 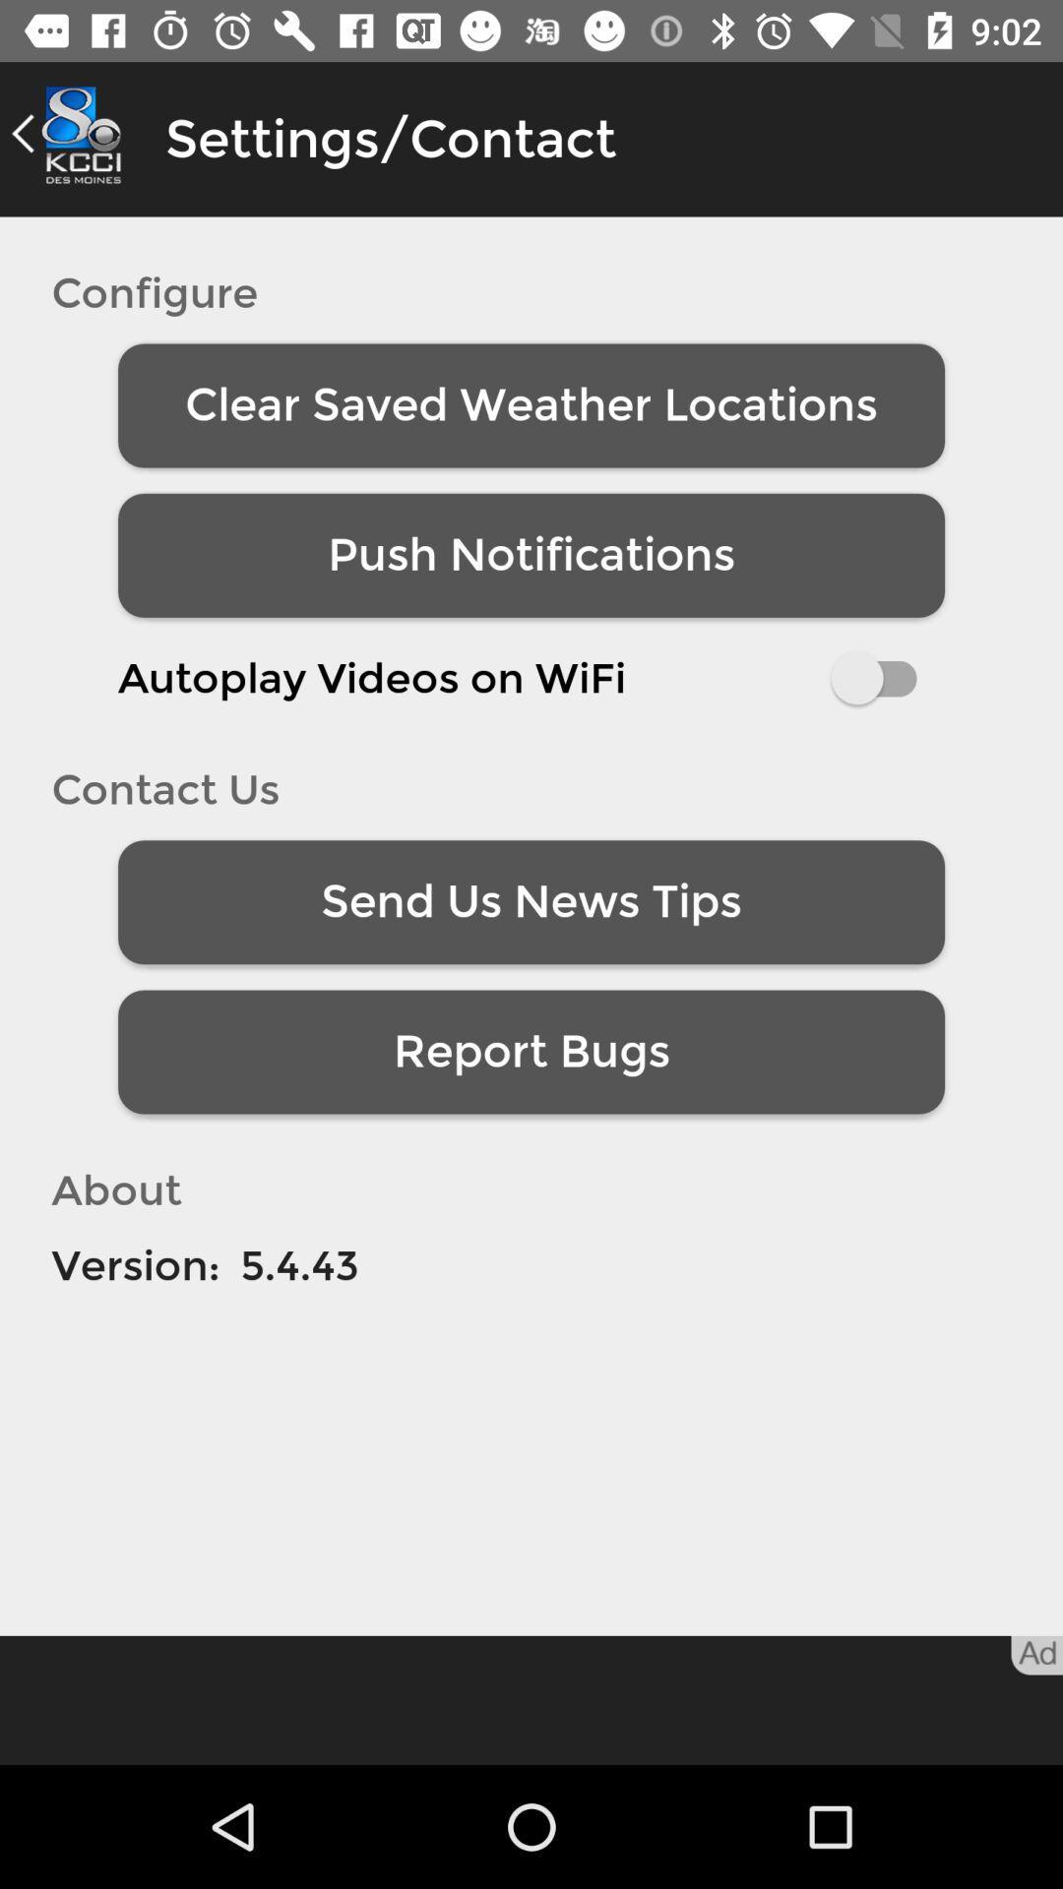 What do you see at coordinates (299, 1265) in the screenshot?
I see `item next to version: icon` at bounding box center [299, 1265].